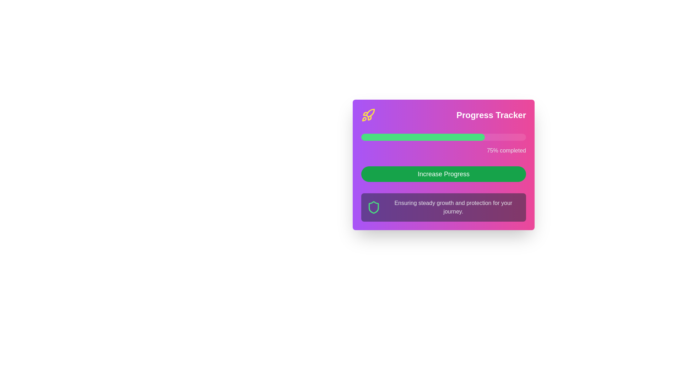 The image size is (682, 383). I want to click on the stylized shield icon filled with a purple tone and outlined in green, located near the bottom left of the card above the text 'Ensuring steady growth and protection for your journey.', so click(373, 207).